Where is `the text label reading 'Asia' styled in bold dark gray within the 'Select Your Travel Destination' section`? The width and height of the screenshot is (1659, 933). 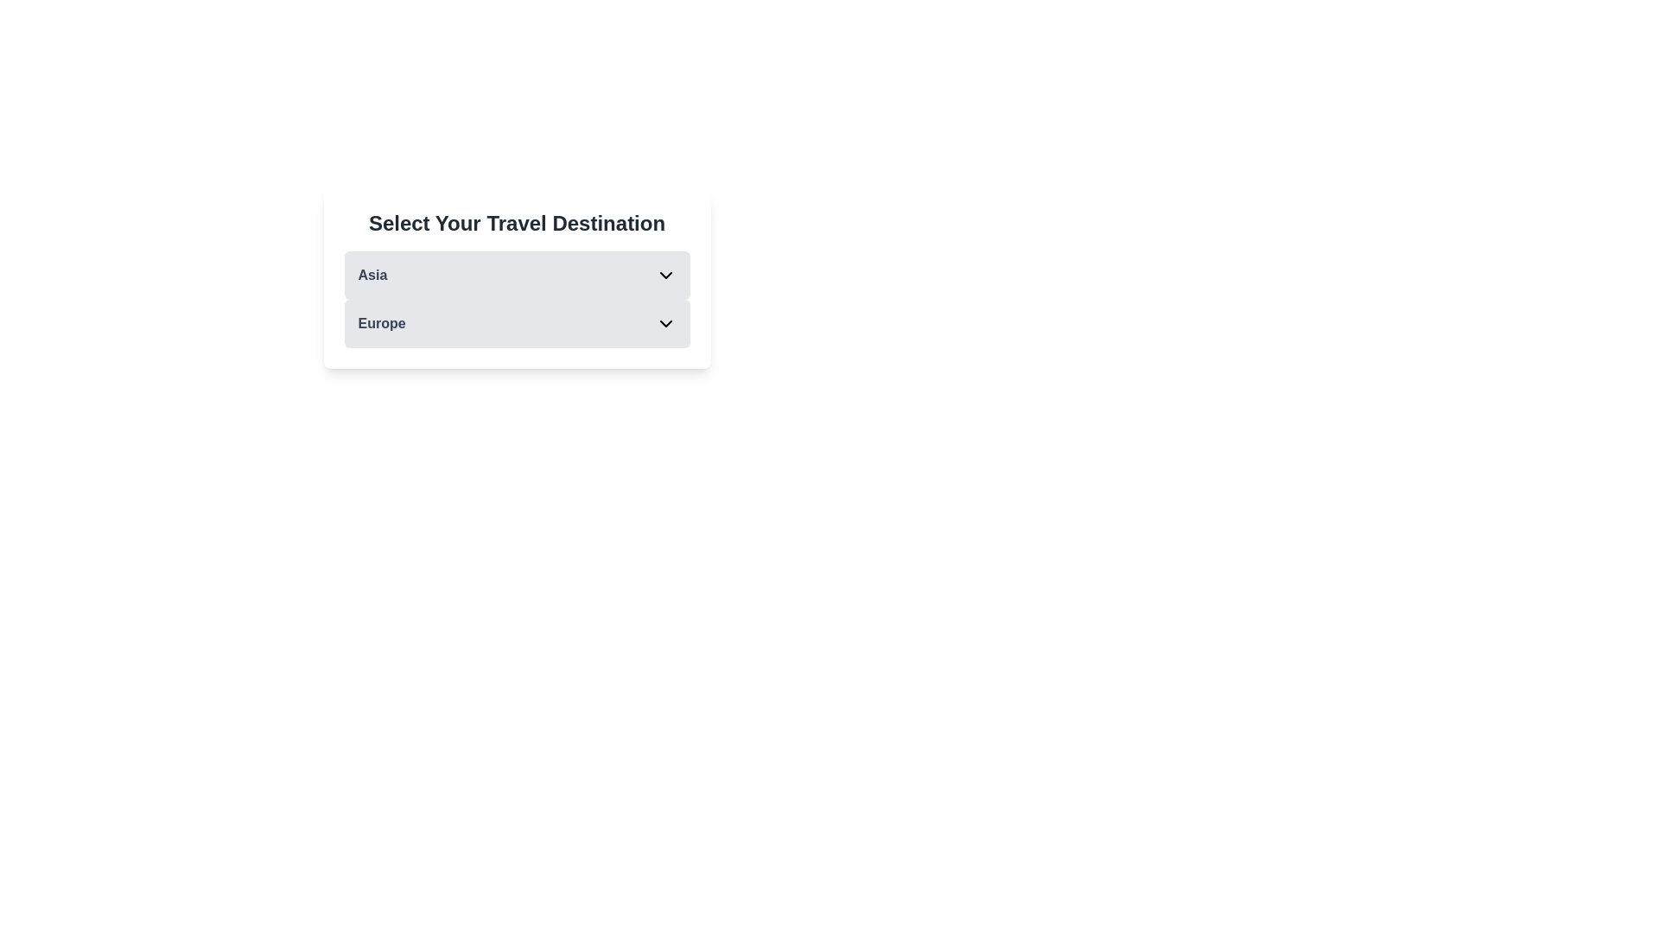 the text label reading 'Asia' styled in bold dark gray within the 'Select Your Travel Destination' section is located at coordinates (372, 275).